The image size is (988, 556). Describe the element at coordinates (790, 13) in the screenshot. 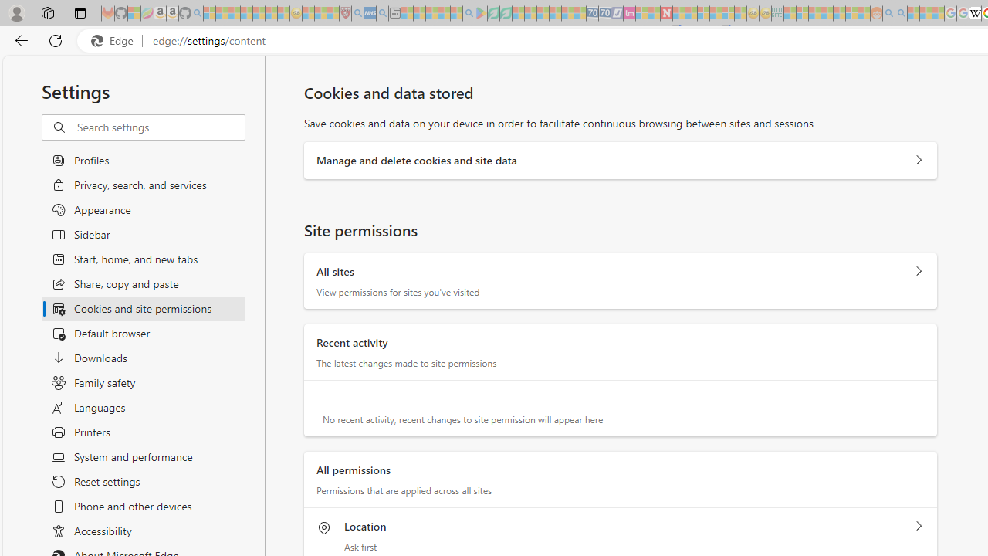

I see `'MSNBC - MSN - Sleeping'` at that location.